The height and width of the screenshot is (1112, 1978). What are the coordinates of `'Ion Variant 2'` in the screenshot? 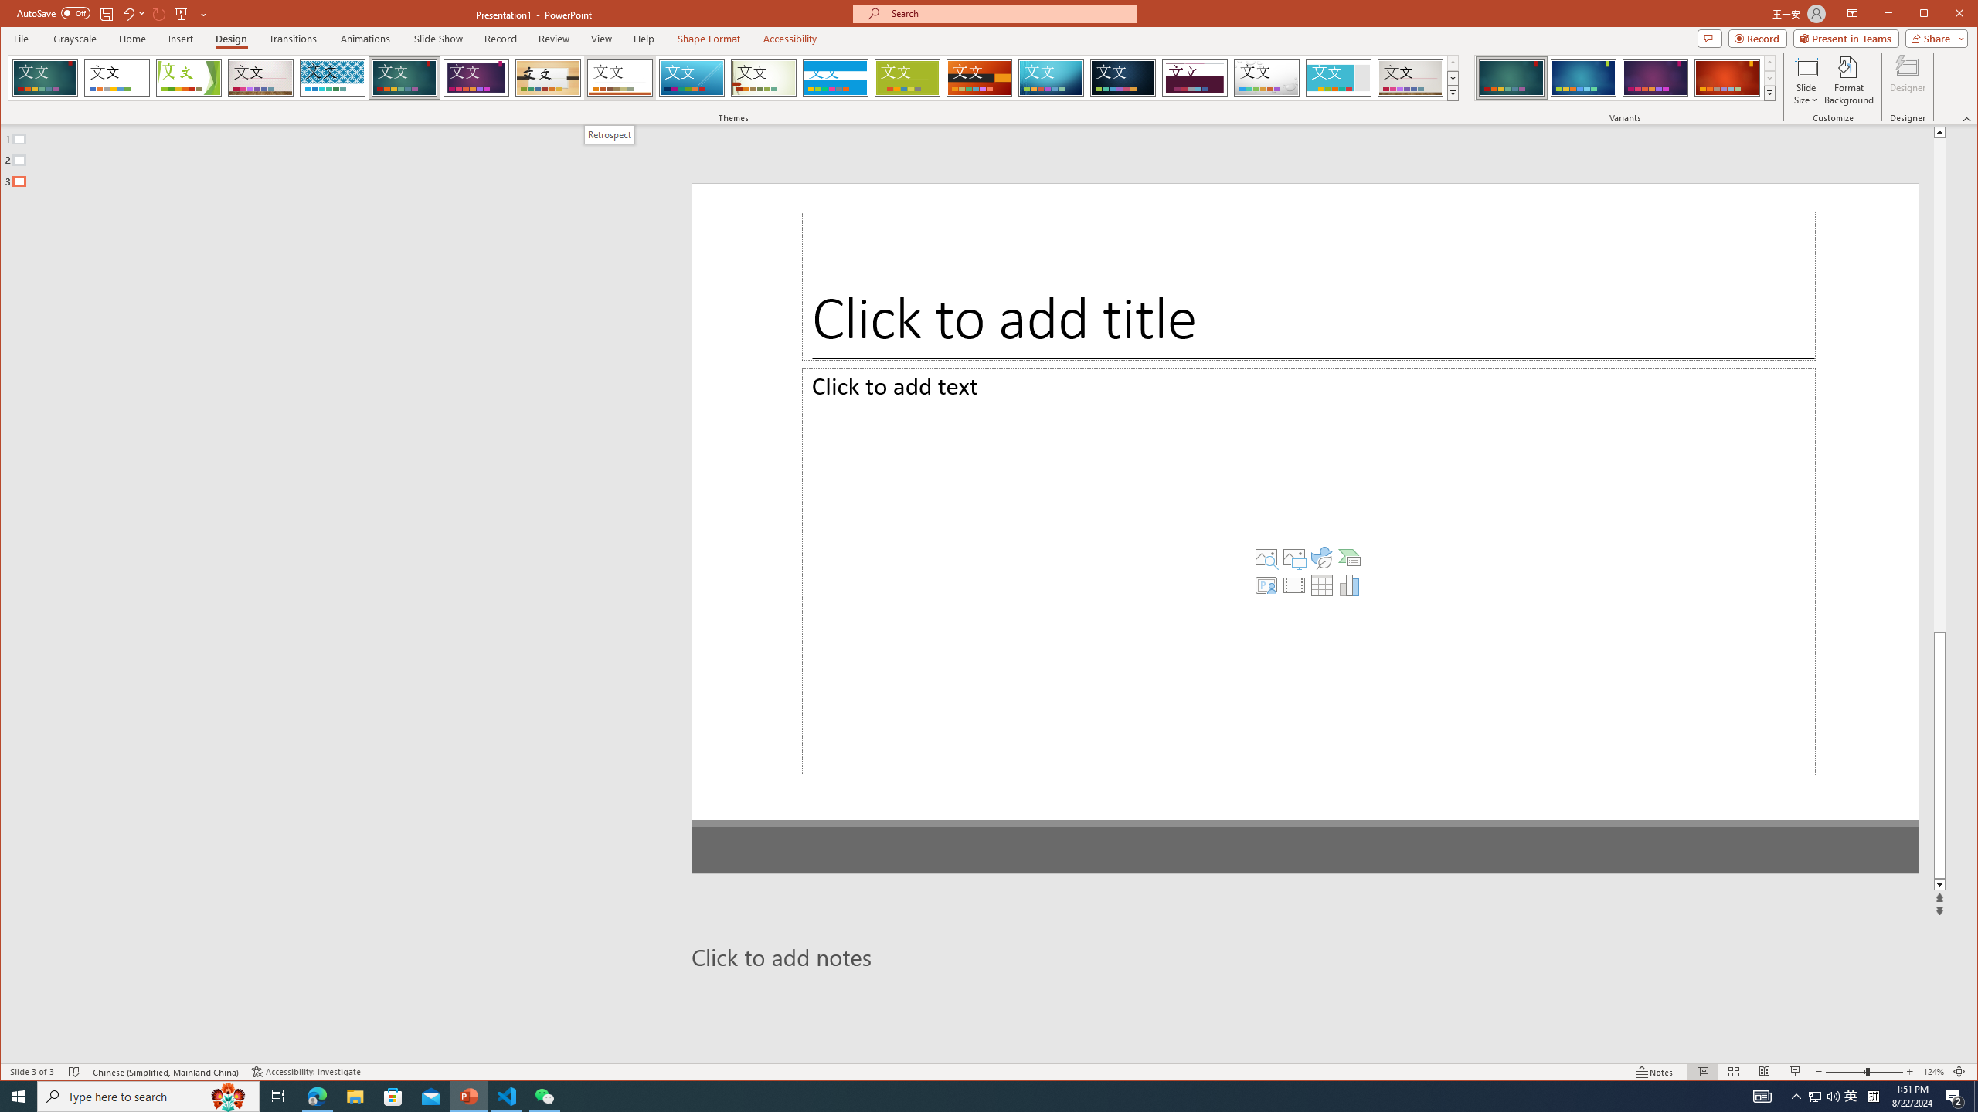 It's located at (1583, 77).